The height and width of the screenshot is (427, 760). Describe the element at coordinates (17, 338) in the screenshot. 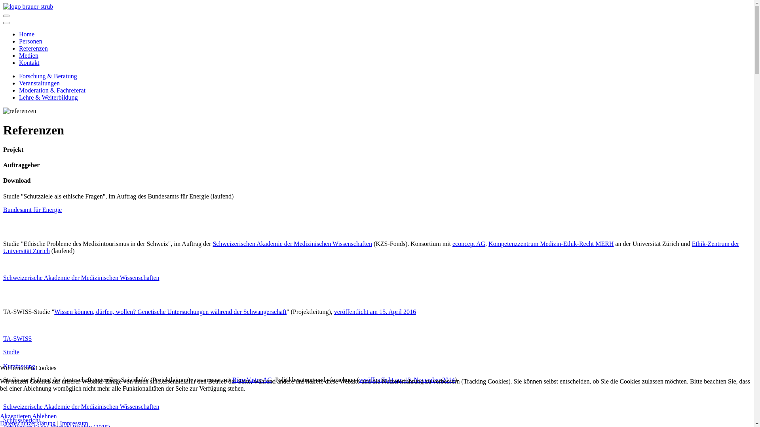

I see `'TA-SWISS'` at that location.